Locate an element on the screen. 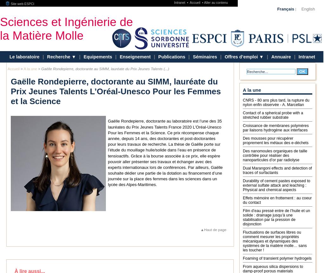 This screenshot has width=324, height=273. 'English' is located at coordinates (301, 9).